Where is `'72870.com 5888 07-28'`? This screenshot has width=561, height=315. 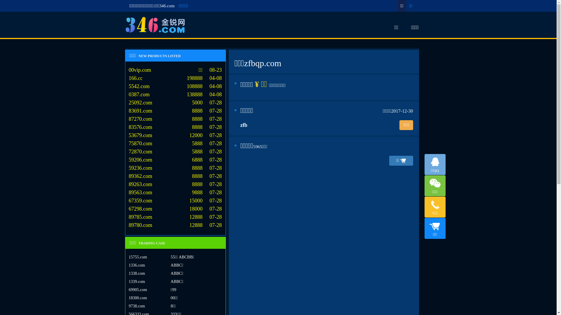 '72870.com 5888 07-28' is located at coordinates (175, 154).